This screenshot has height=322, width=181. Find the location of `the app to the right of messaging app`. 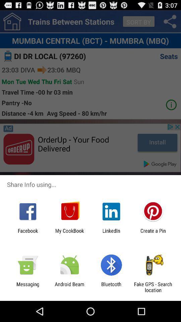

the app to the right of messaging app is located at coordinates (69, 287).